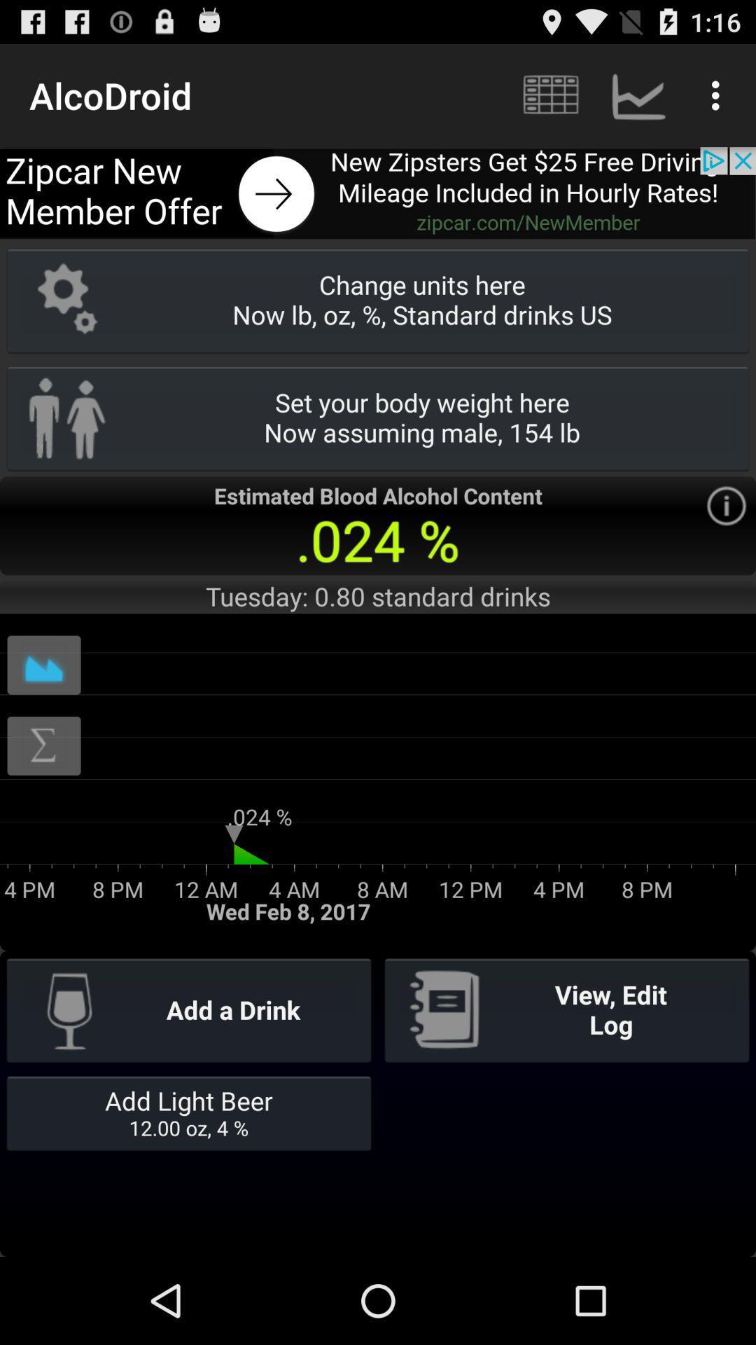  I want to click on see more information, so click(725, 505).